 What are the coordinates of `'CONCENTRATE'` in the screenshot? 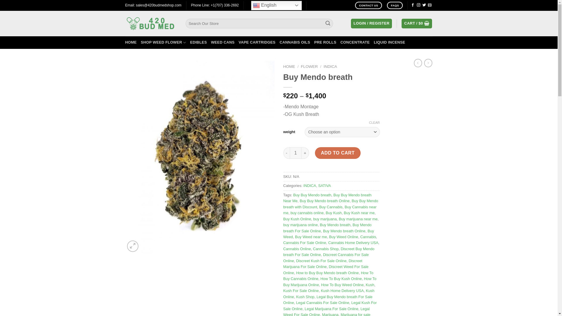 It's located at (340, 42).